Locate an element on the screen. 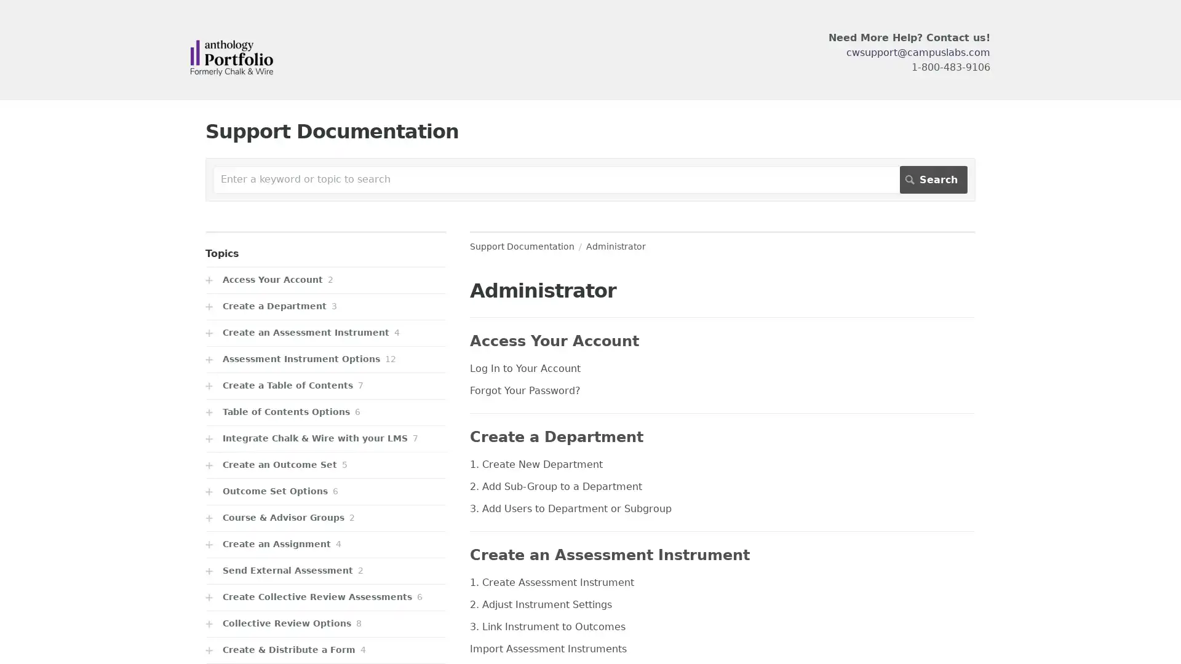 Image resolution: width=1181 pixels, height=664 pixels. Access Your Account 2 is located at coordinates (325, 280).